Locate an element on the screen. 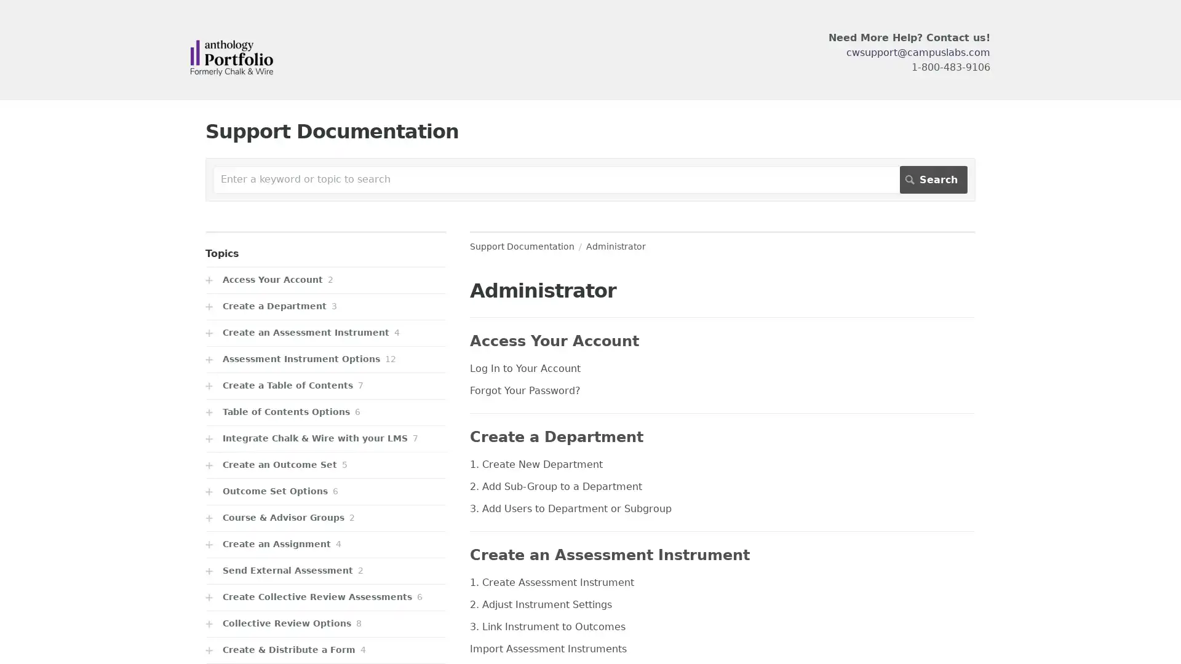 Image resolution: width=1181 pixels, height=664 pixels. Access Your Account 2 is located at coordinates (325, 280).